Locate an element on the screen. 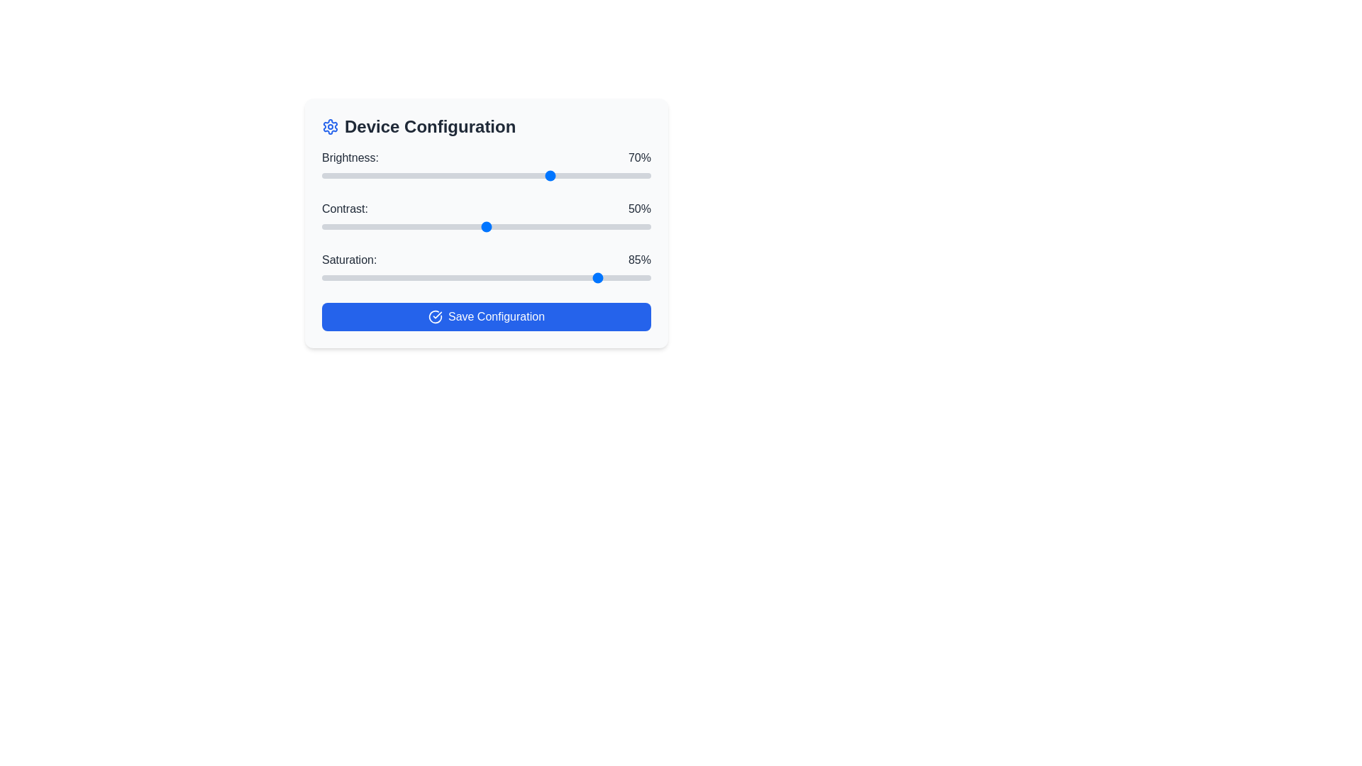 Image resolution: width=1362 pixels, height=766 pixels. the saturation level is located at coordinates (400, 278).